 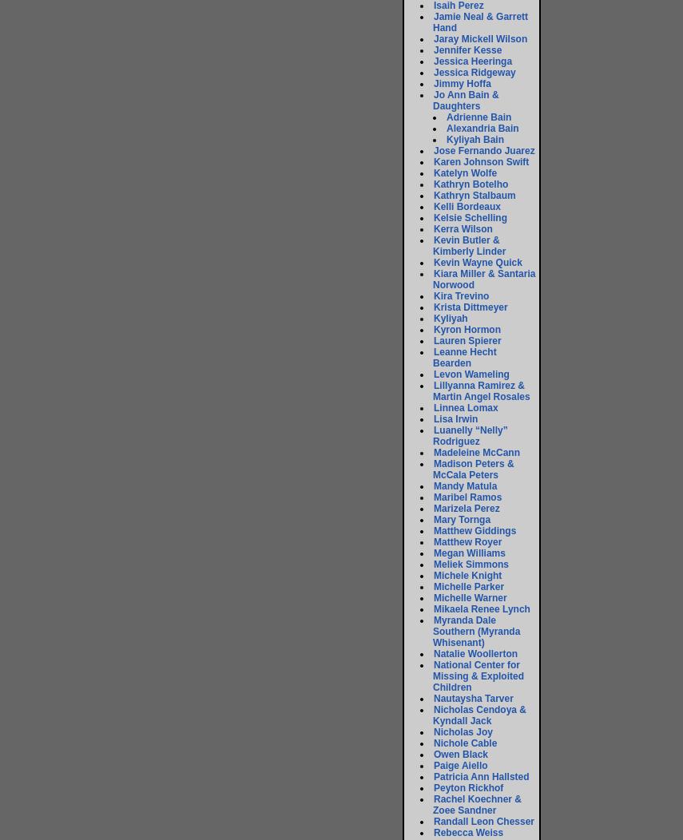 I want to click on 'Nicholas Cendoya & Kyndall Jack', so click(x=479, y=715).